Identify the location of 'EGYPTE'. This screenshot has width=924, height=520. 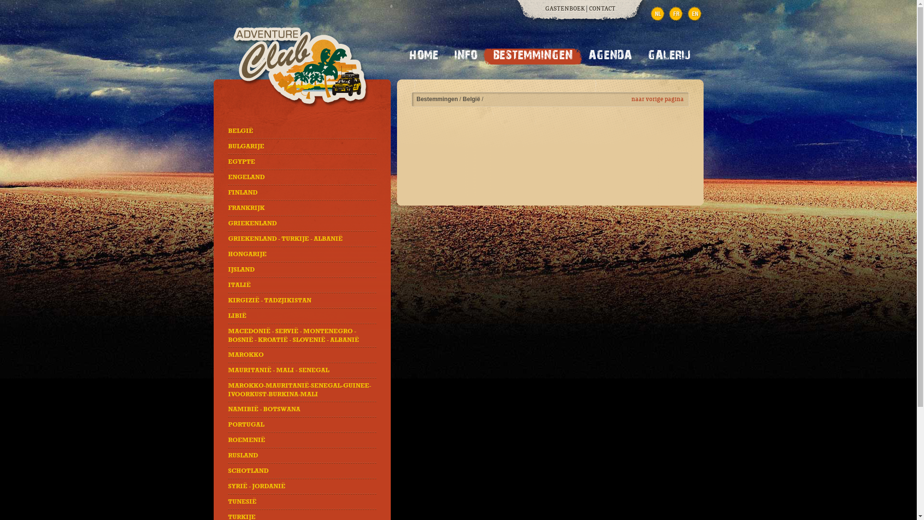
(242, 161).